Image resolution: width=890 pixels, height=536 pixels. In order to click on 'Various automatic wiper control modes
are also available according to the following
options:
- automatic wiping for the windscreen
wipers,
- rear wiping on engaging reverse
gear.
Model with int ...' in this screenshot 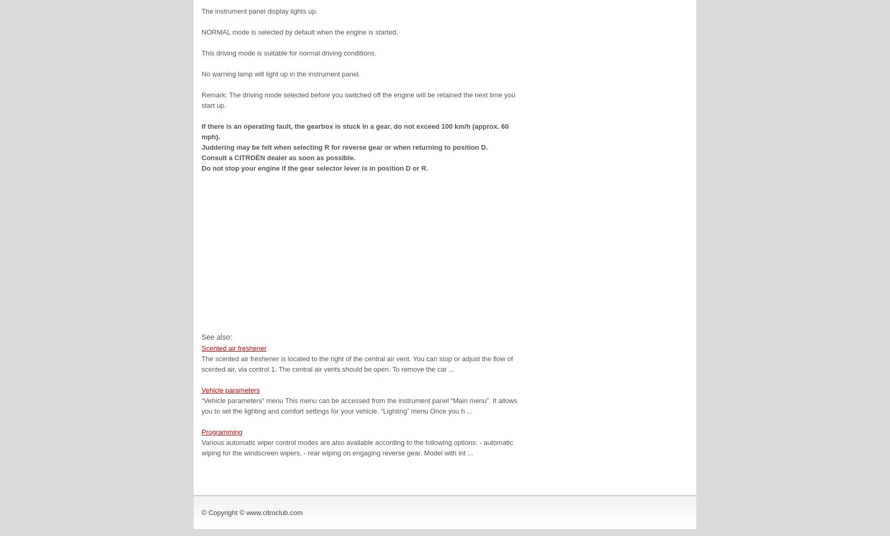, I will do `click(357, 448)`.